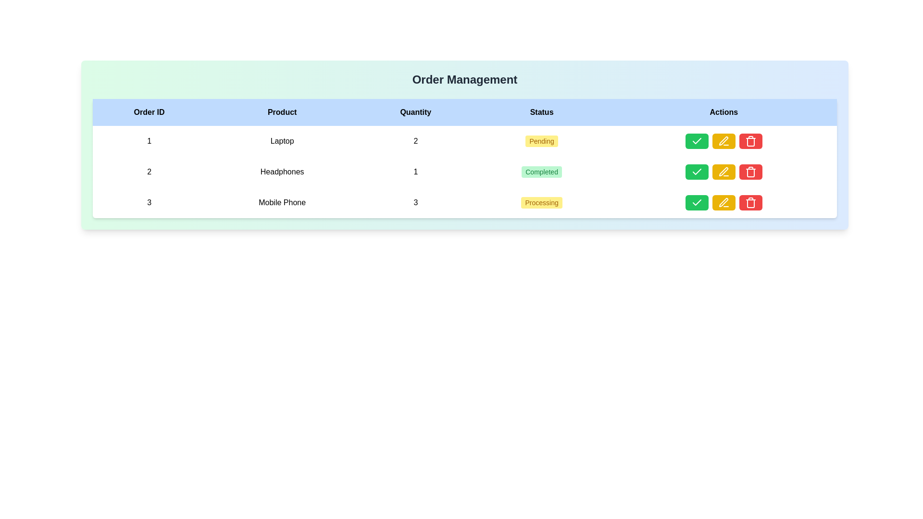 This screenshot has height=519, width=923. I want to click on the Table Header Row, so click(464, 112).